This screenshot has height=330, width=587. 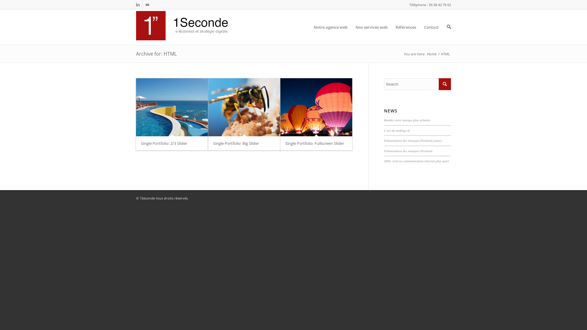 I want to click on 'Single Portfolio: 2/3 Slider', so click(x=140, y=143).